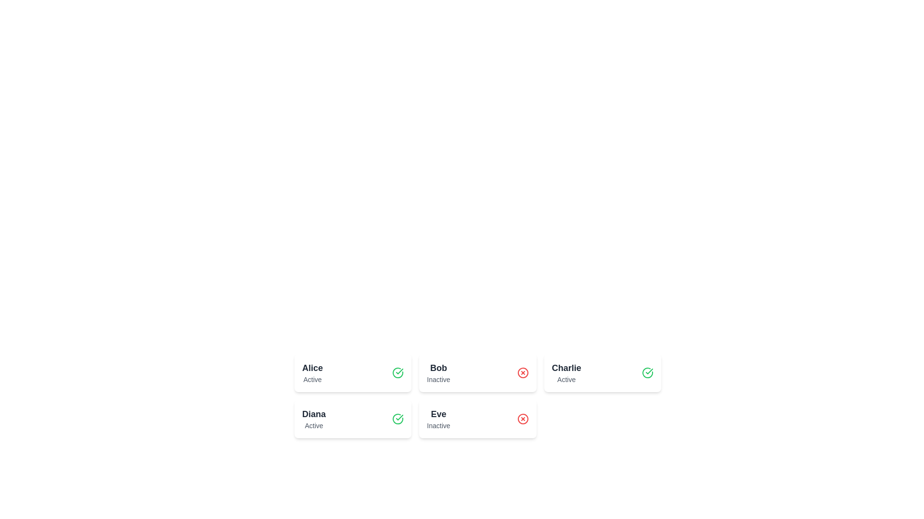 The height and width of the screenshot is (519, 924). What do you see at coordinates (438, 418) in the screenshot?
I see `the text label displaying 'Eve' with the status 'Inactive' in the card layout located in the bottom row, second from the left` at bounding box center [438, 418].